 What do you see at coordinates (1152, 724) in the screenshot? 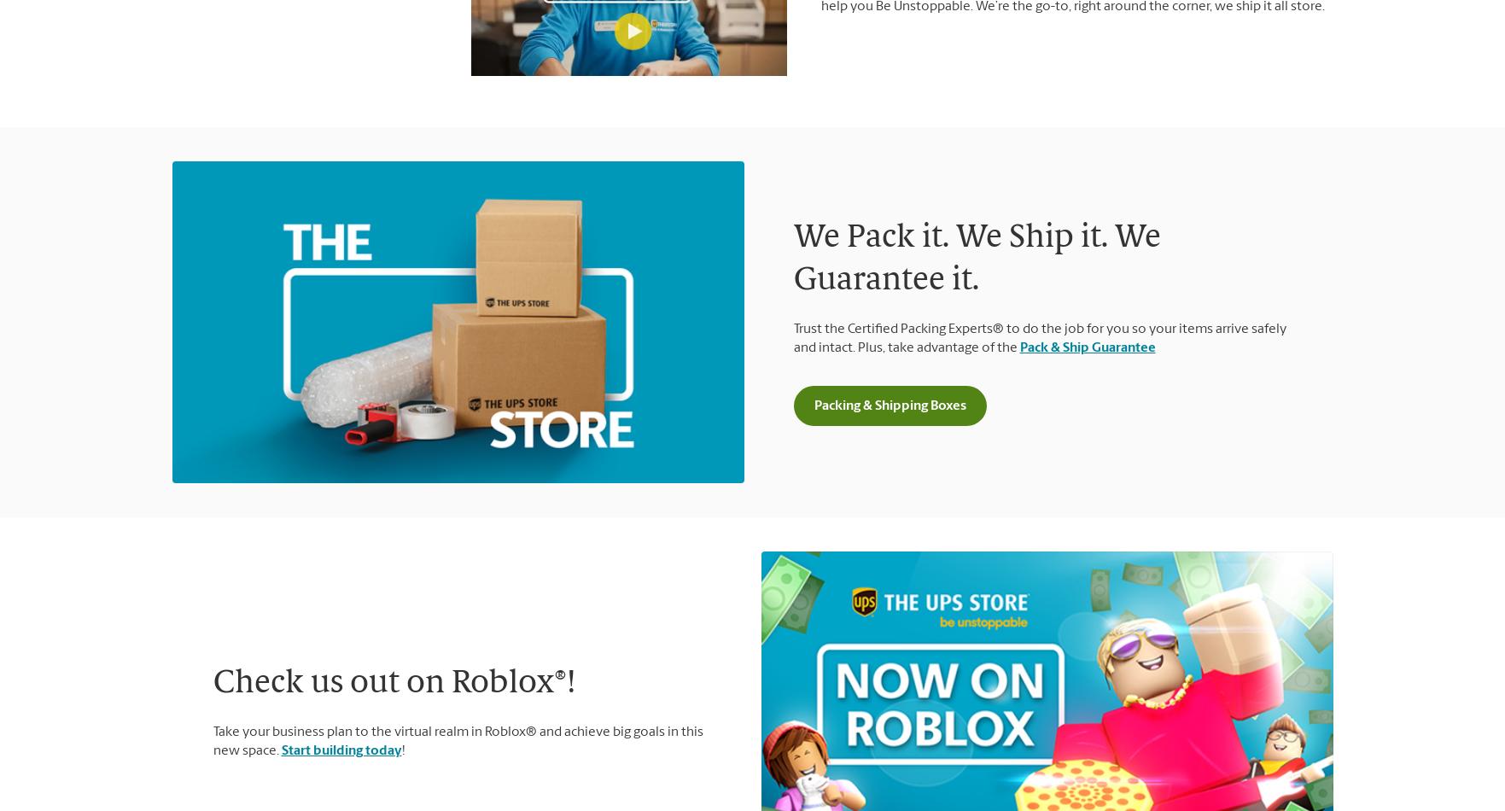
I see `'House Accounts'` at bounding box center [1152, 724].